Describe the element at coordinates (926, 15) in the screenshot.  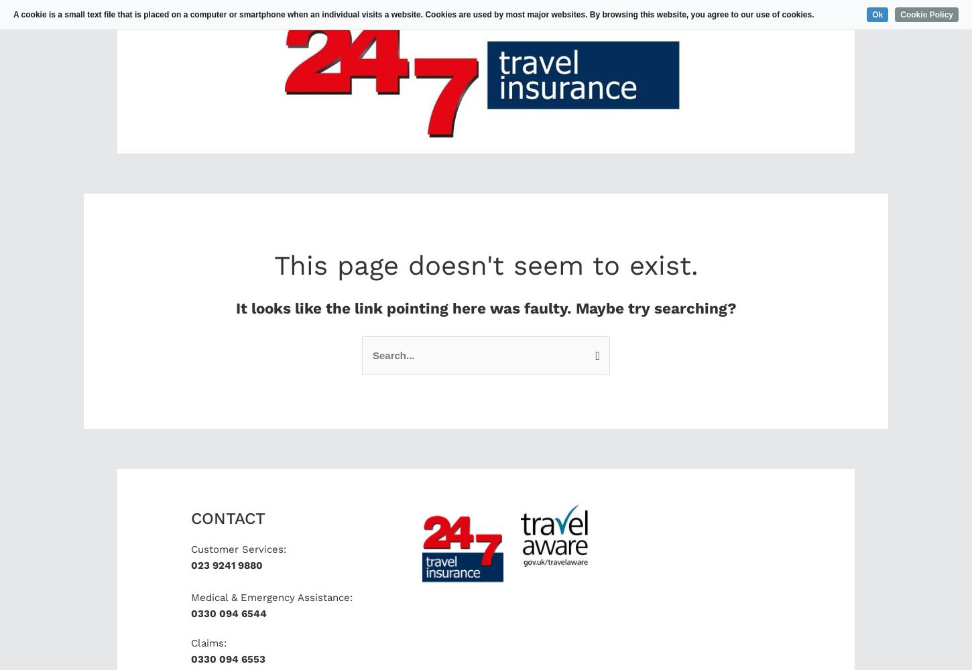
I see `'Cookie Policy'` at that location.